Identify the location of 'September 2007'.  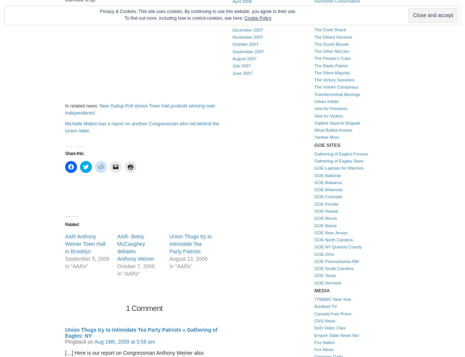
(232, 51).